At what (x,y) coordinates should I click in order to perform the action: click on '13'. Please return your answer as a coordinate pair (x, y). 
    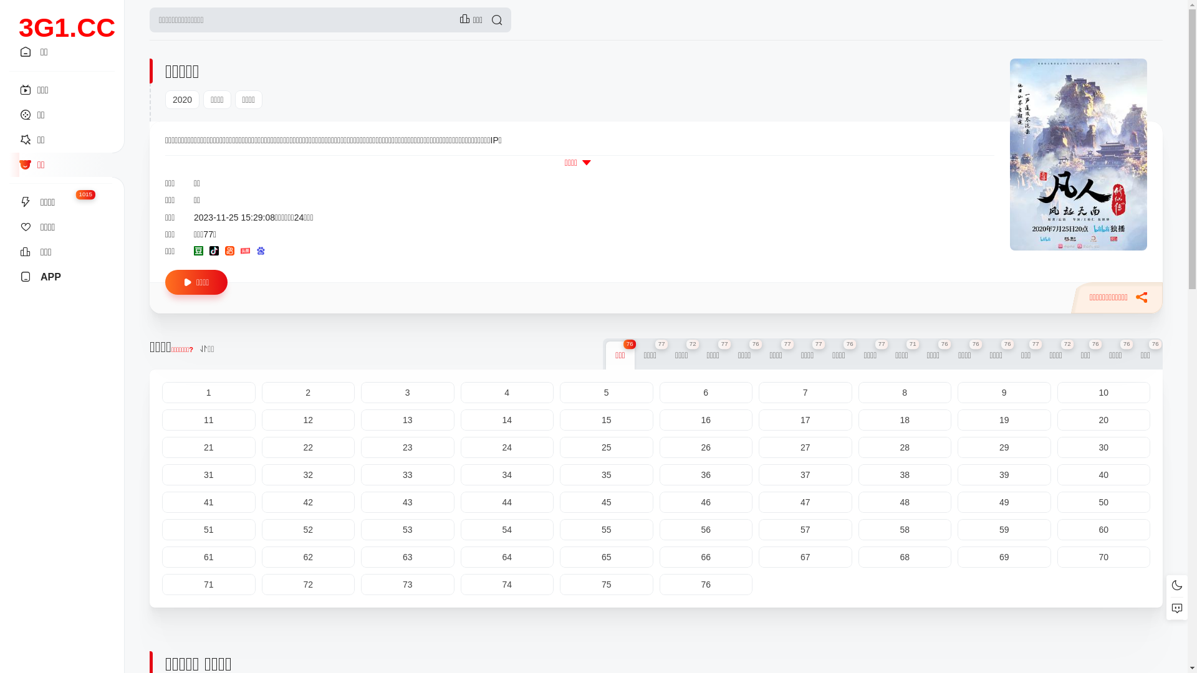
    Looking at the image, I should click on (407, 420).